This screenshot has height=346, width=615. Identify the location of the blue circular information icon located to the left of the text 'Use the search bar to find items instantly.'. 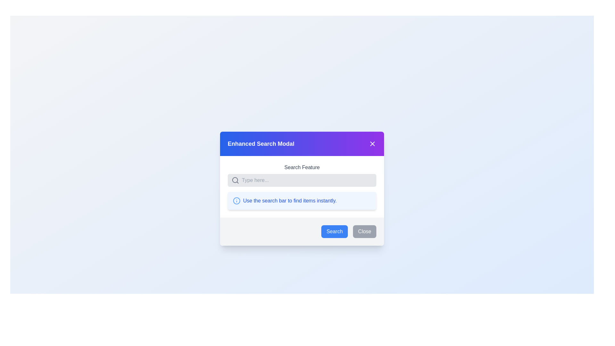
(236, 201).